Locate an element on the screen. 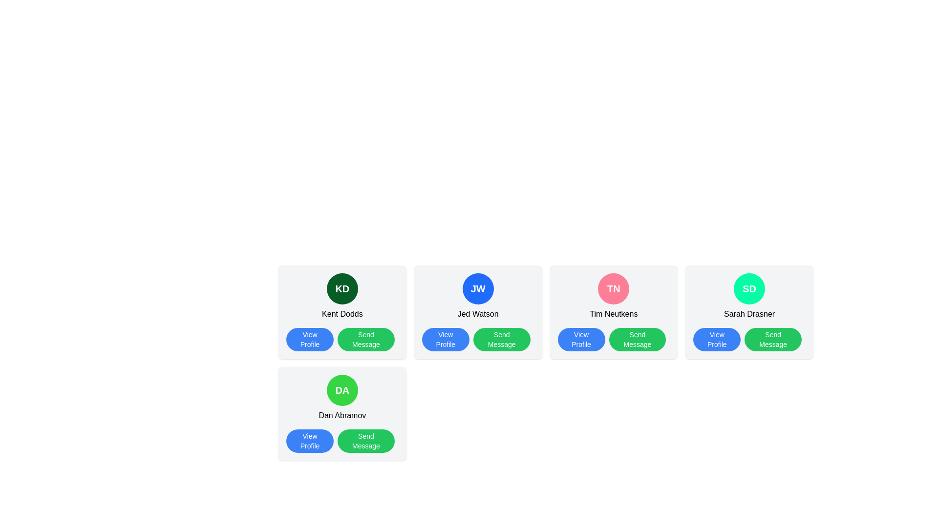  the button located in the second card from the left on the second row, under the card labeled 'Jed Watson', which is the second button in the row is located at coordinates (502, 339).